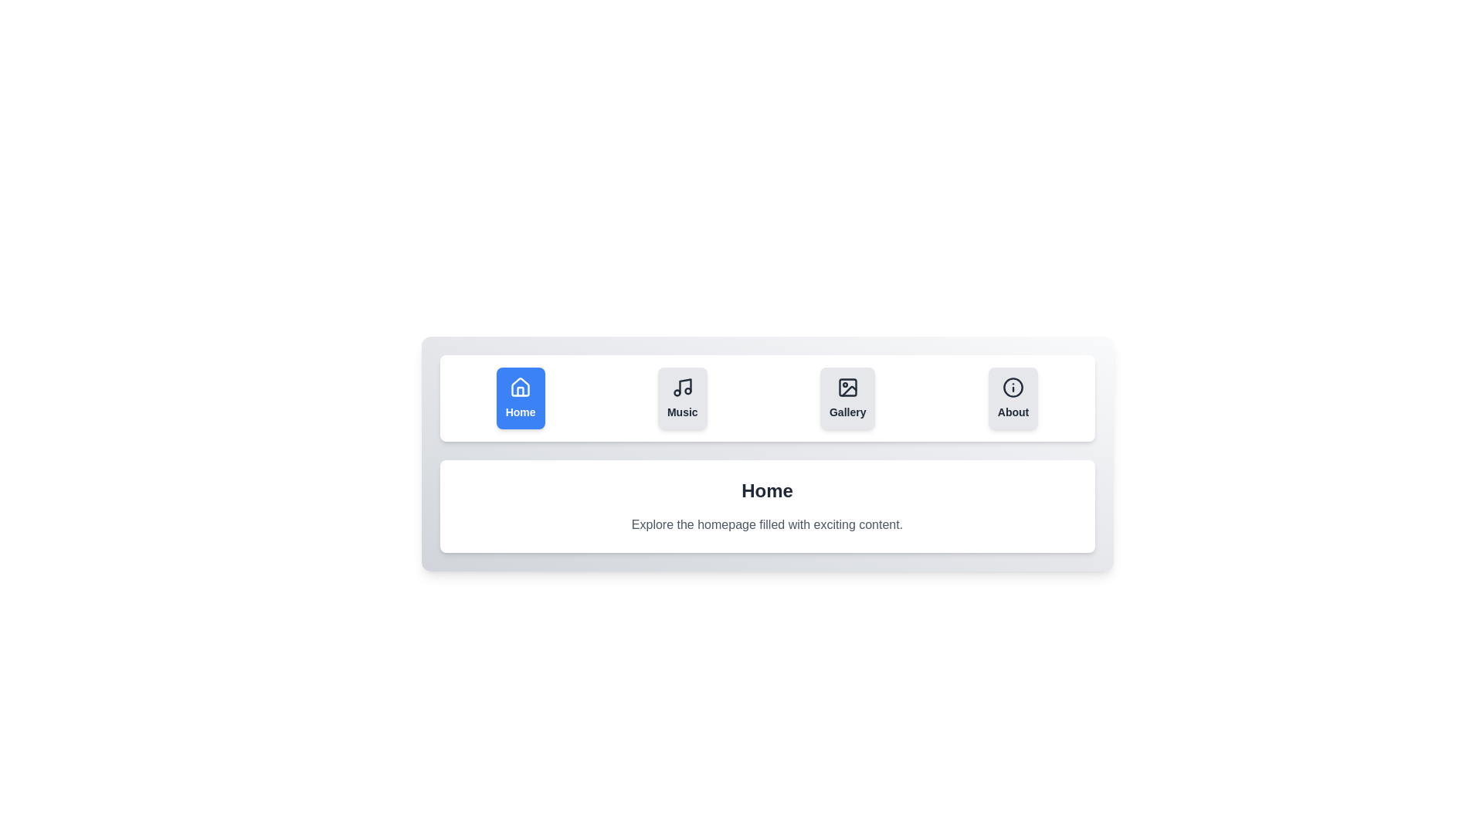 This screenshot has width=1483, height=834. I want to click on the tab button labeled Gallery, so click(847, 398).